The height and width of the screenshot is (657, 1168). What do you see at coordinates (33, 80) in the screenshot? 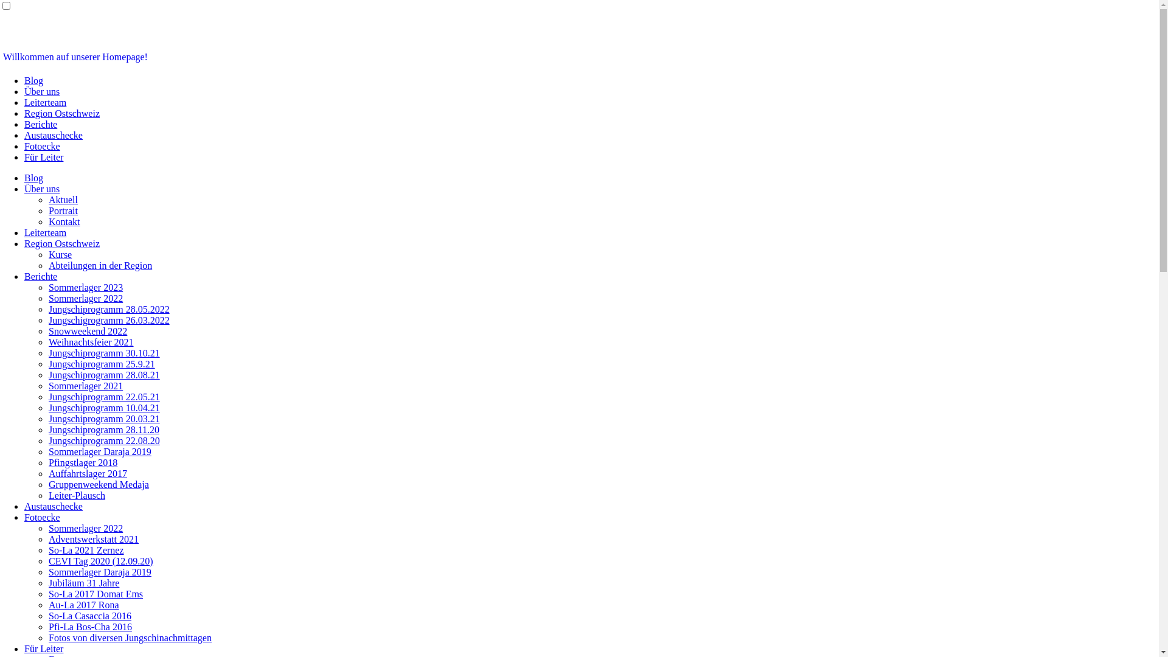
I see `'Blog'` at bounding box center [33, 80].